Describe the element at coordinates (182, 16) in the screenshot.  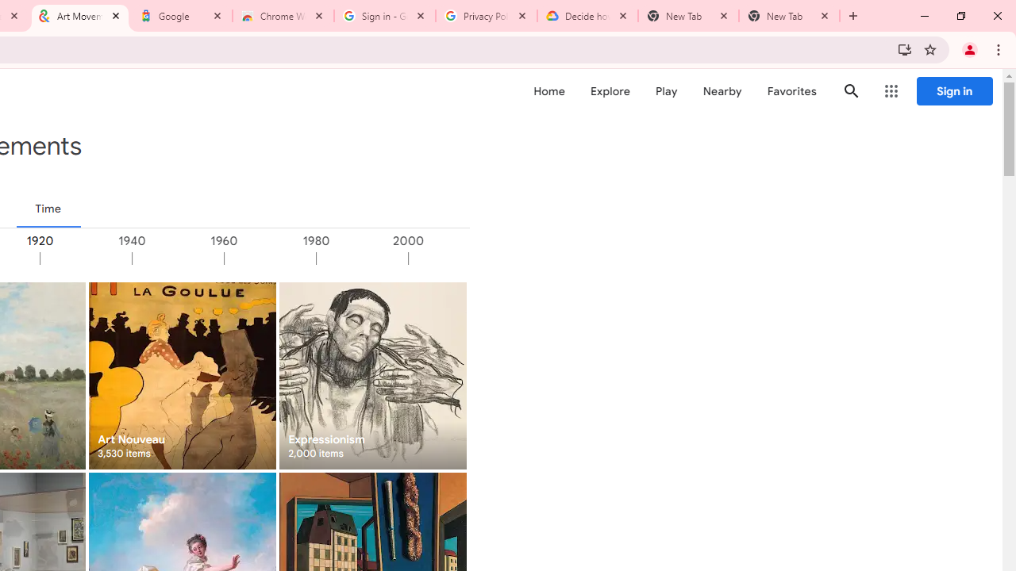
I see `'Google'` at that location.